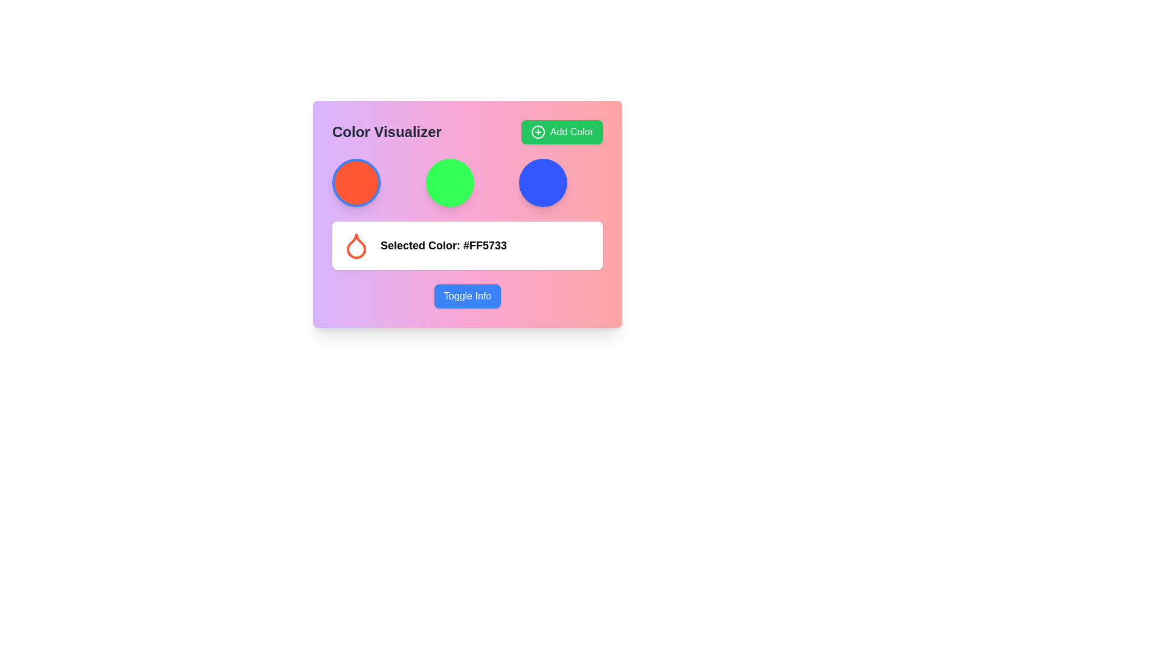 The height and width of the screenshot is (652, 1160). Describe the element at coordinates (466, 296) in the screenshot. I see `the blue button with rounded corners labeled 'Toggle Info'` at that location.